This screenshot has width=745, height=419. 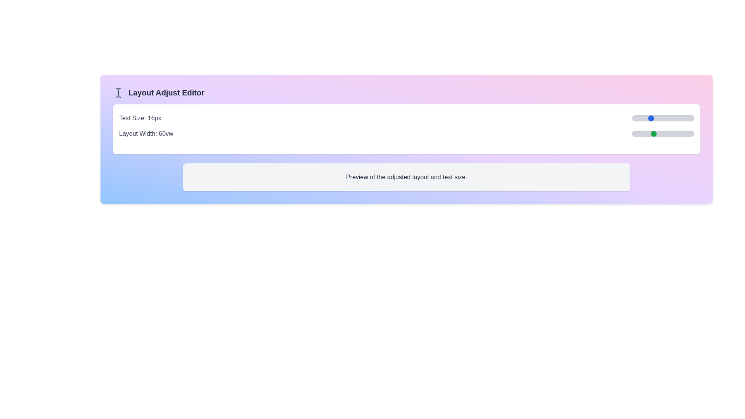 What do you see at coordinates (641, 118) in the screenshot?
I see `the text size` at bounding box center [641, 118].